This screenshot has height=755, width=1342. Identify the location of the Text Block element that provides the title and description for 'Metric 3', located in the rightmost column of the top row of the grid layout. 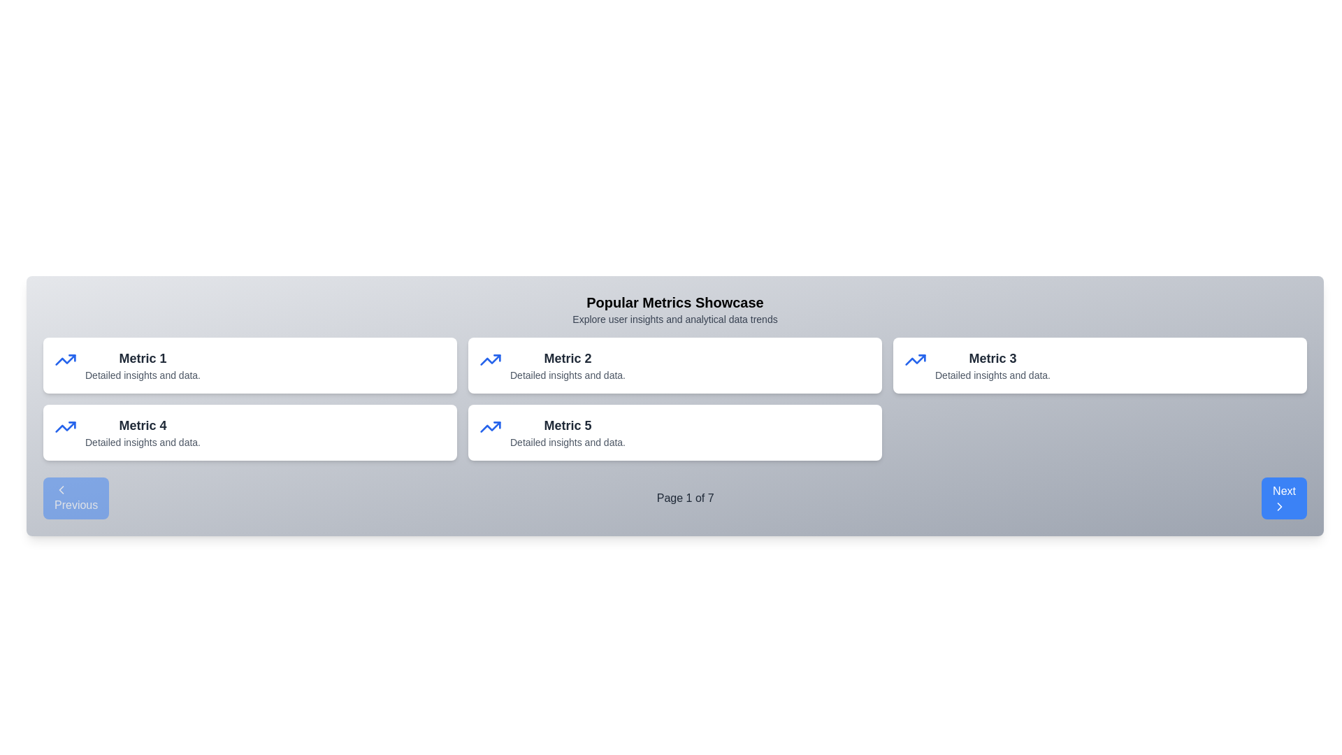
(988, 365).